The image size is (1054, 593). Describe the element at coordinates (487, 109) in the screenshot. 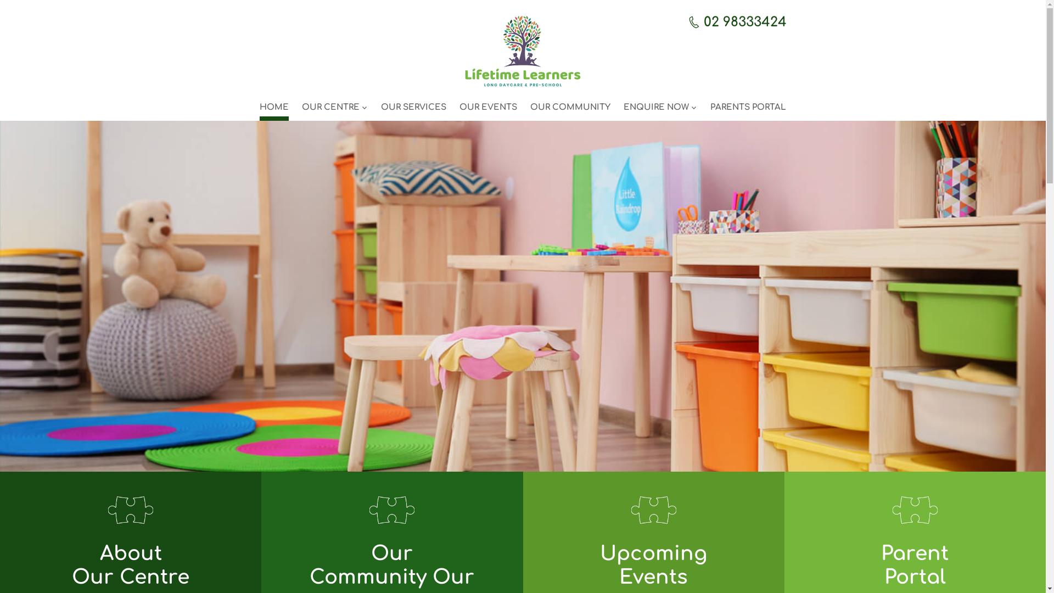

I see `'OUR EVENTS'` at that location.